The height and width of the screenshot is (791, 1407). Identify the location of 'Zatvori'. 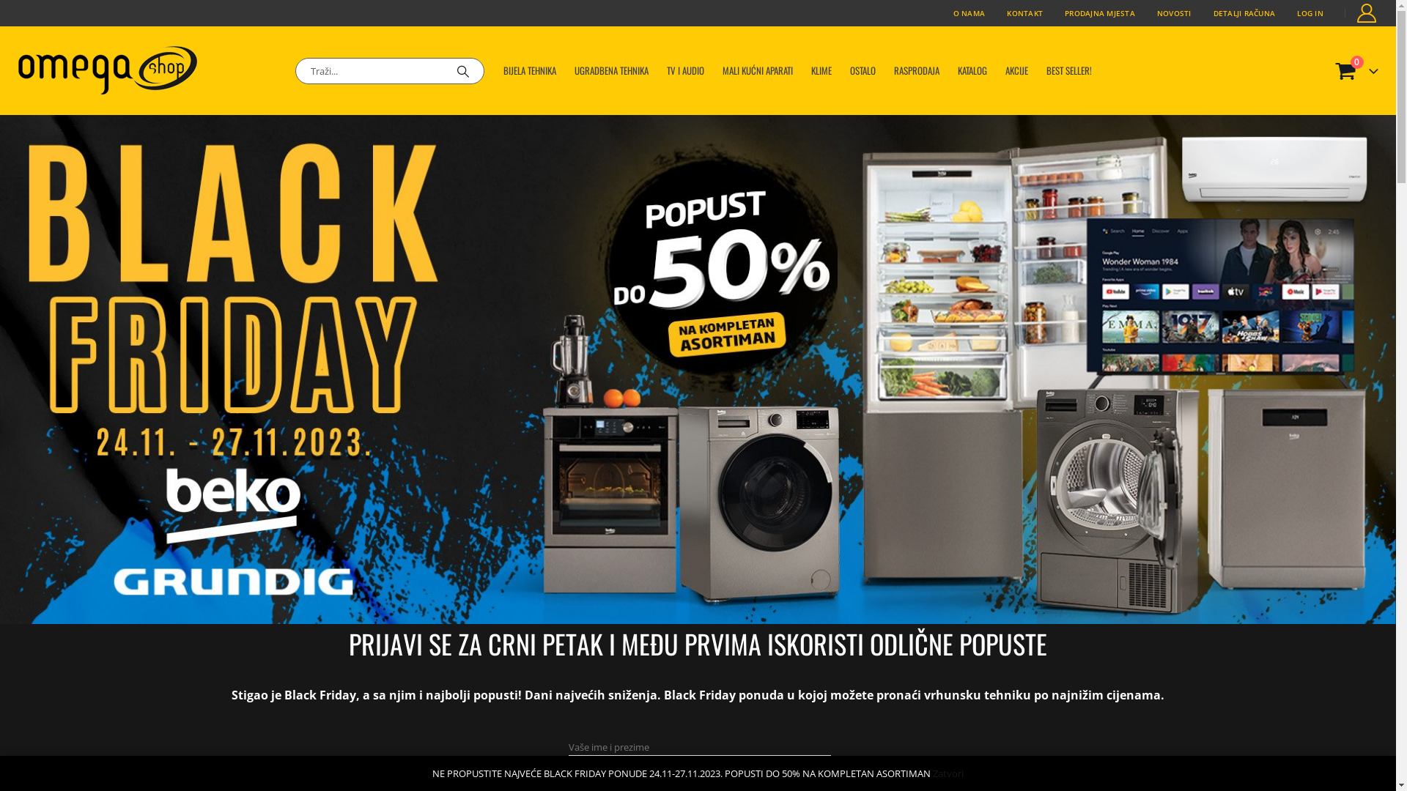
(948, 773).